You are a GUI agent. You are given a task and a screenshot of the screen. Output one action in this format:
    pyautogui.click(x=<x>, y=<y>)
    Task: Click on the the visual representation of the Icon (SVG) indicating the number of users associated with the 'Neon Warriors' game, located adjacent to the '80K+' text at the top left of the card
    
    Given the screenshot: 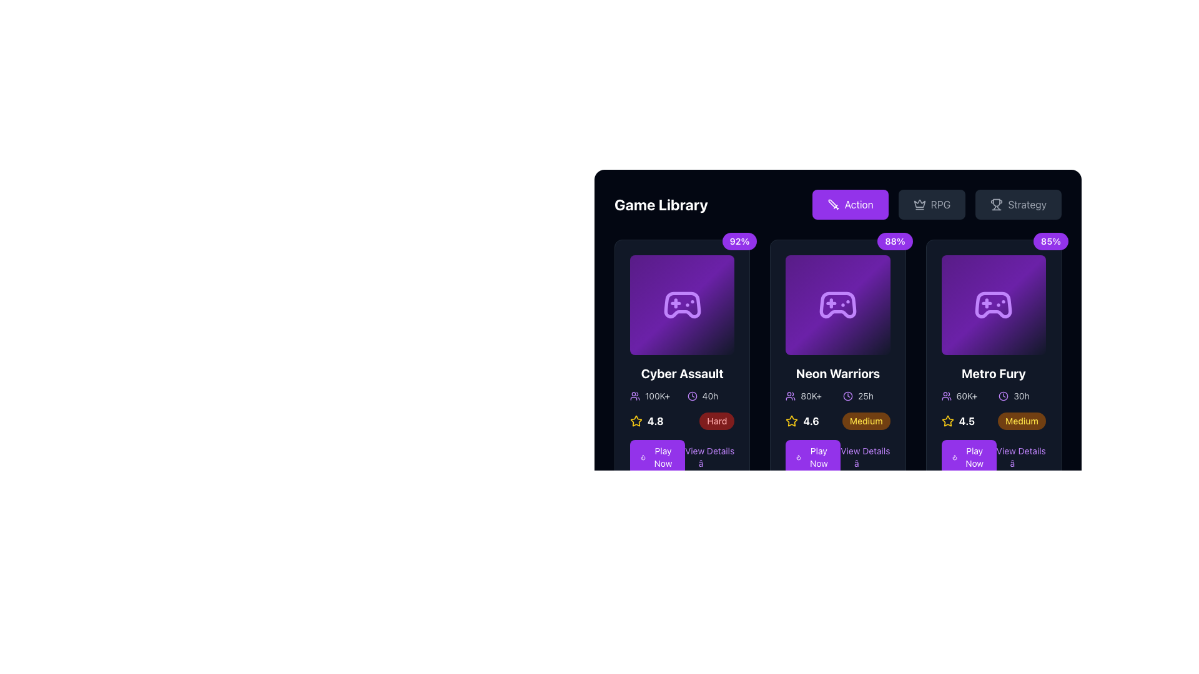 What is the action you would take?
    pyautogui.click(x=790, y=396)
    